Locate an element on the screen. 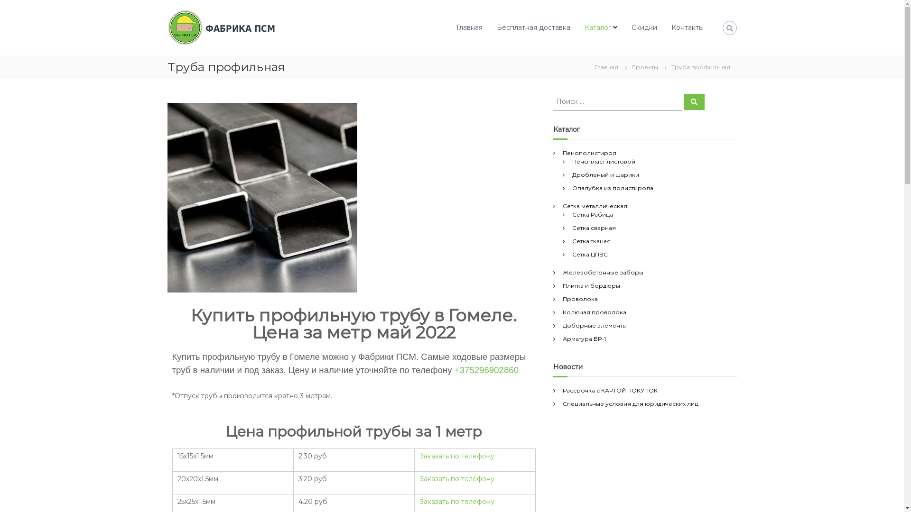 The image size is (911, 512). '+375296902860' is located at coordinates (486, 369).